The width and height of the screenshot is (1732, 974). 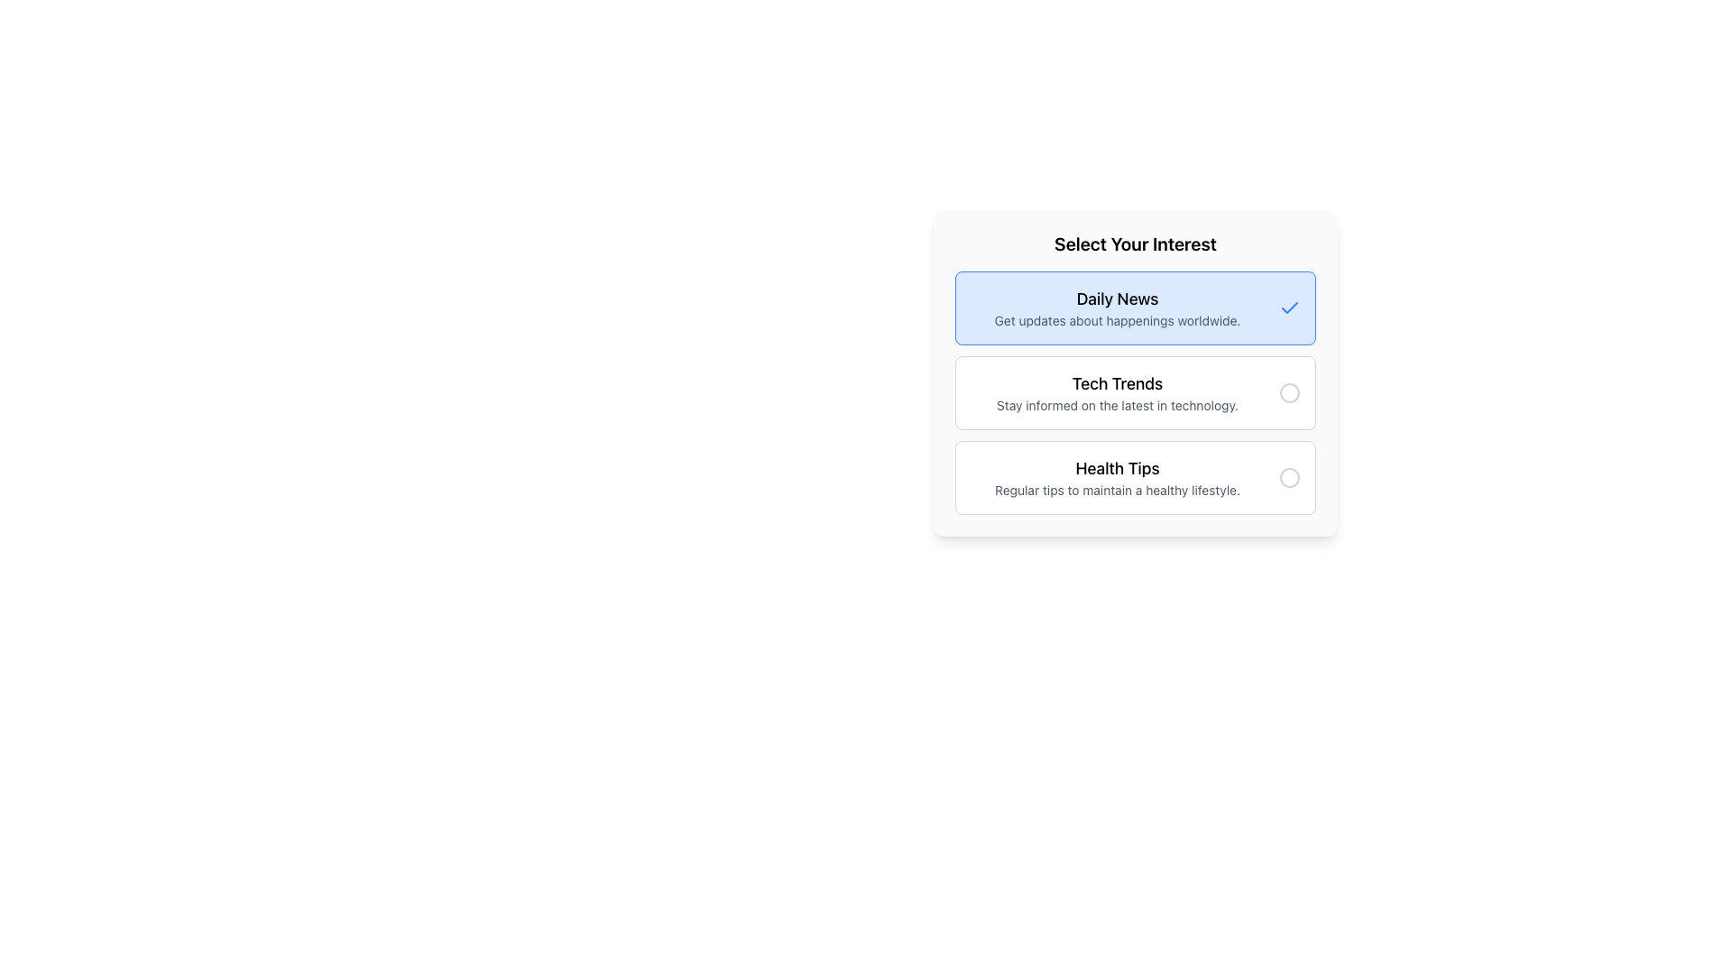 What do you see at coordinates (1289, 391) in the screenshot?
I see `the unselected Radio button indicator for the 'Tech Trends' option` at bounding box center [1289, 391].